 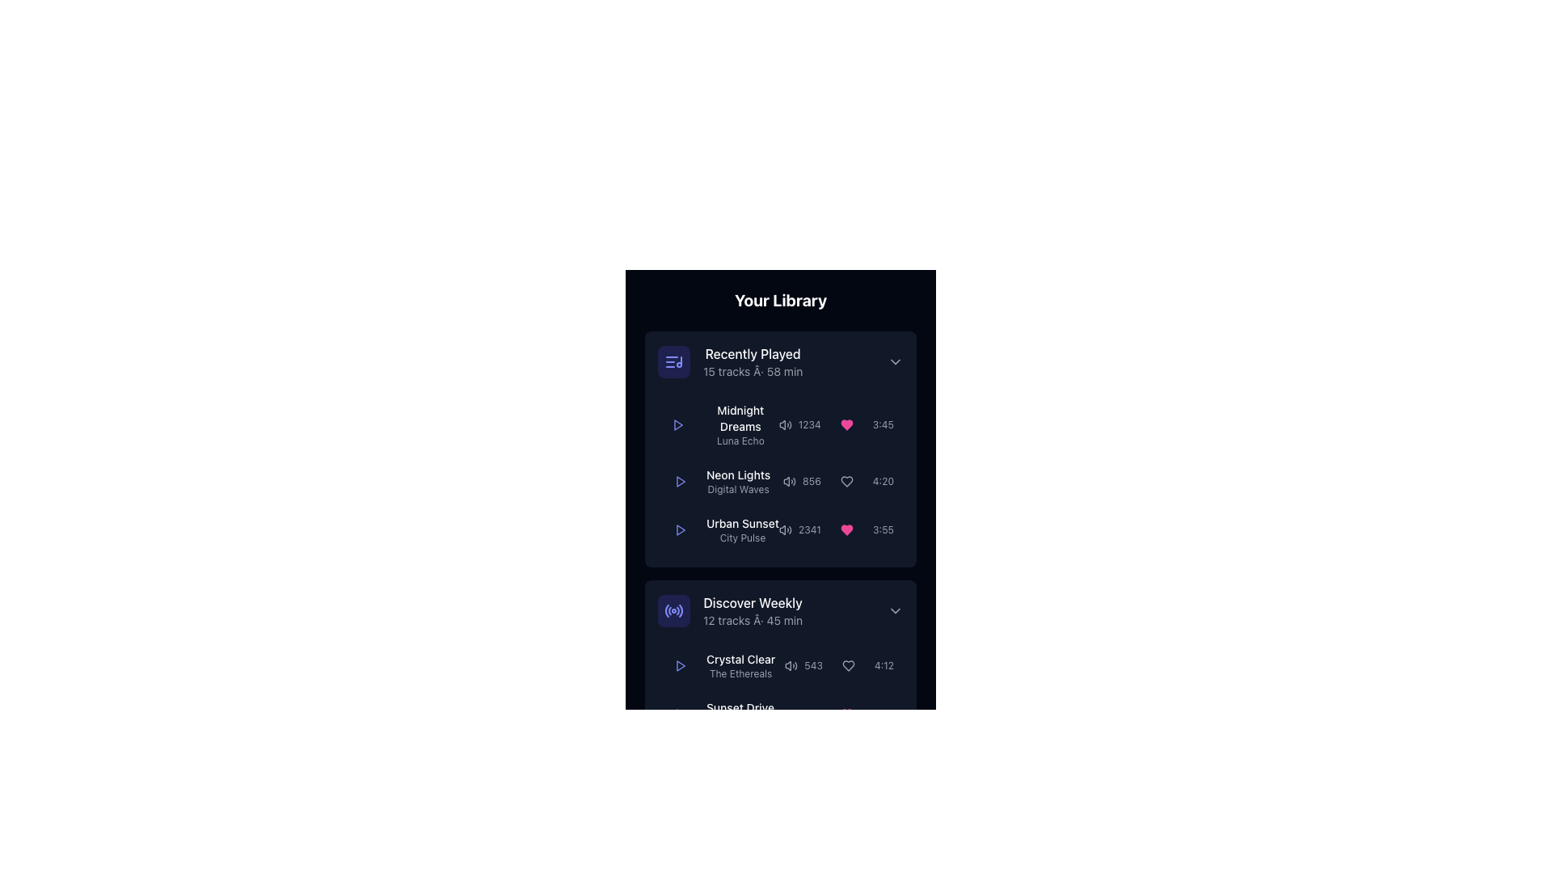 What do you see at coordinates (799, 529) in the screenshot?
I see `the text display showing the number of plays or streams in the middle-right of the third row of the 'Recently Played' section, adjacent to the audio volume icon` at bounding box center [799, 529].